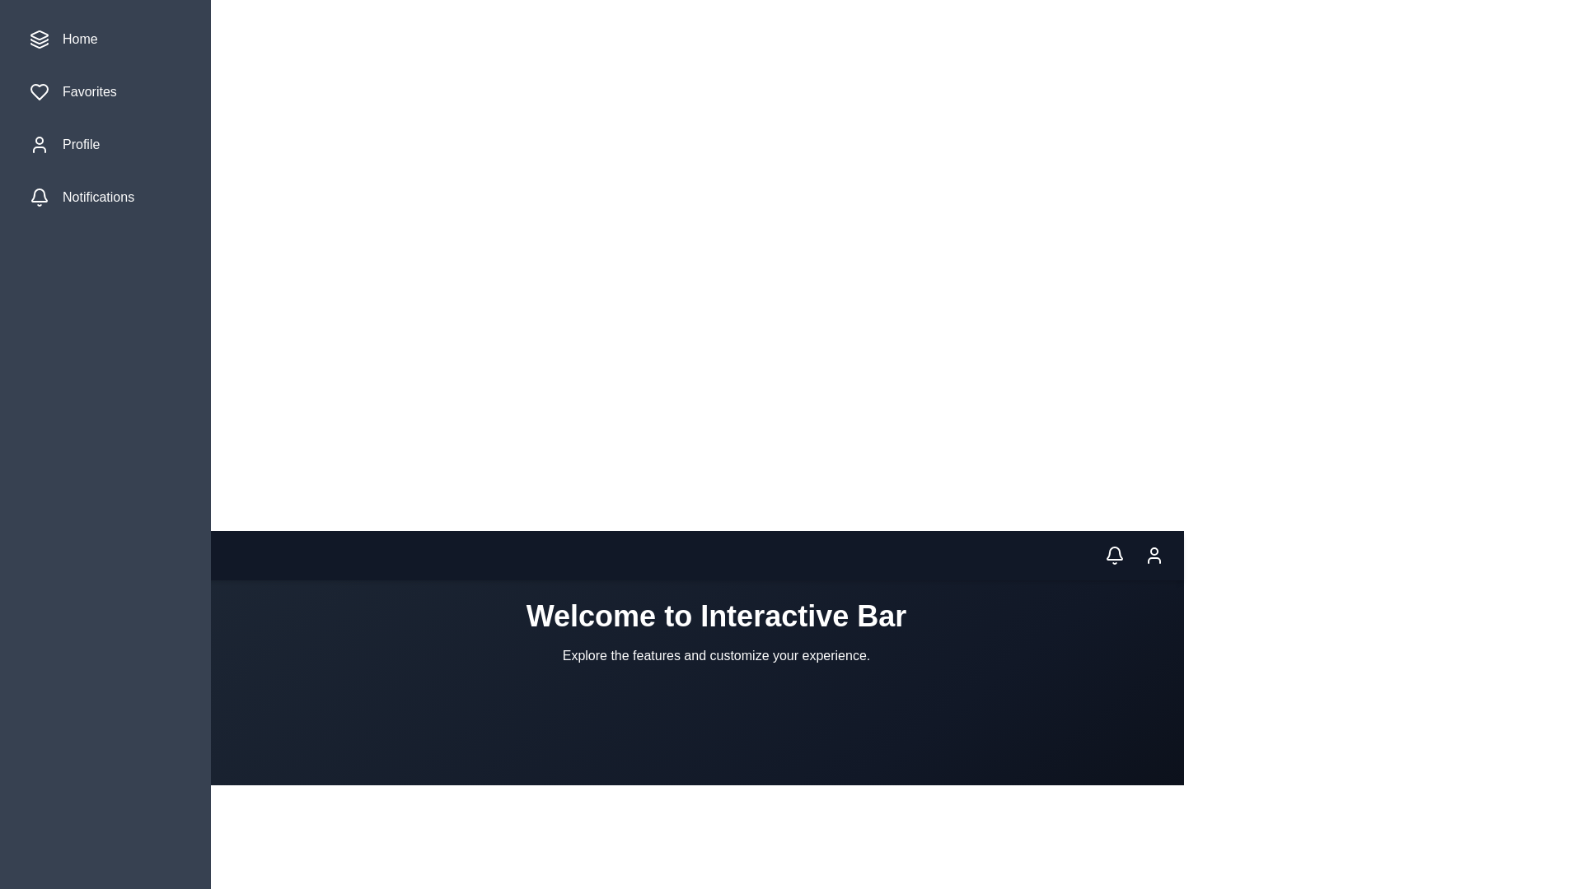  Describe the element at coordinates (68, 556) in the screenshot. I see `menu icon to toggle the menu state` at that location.